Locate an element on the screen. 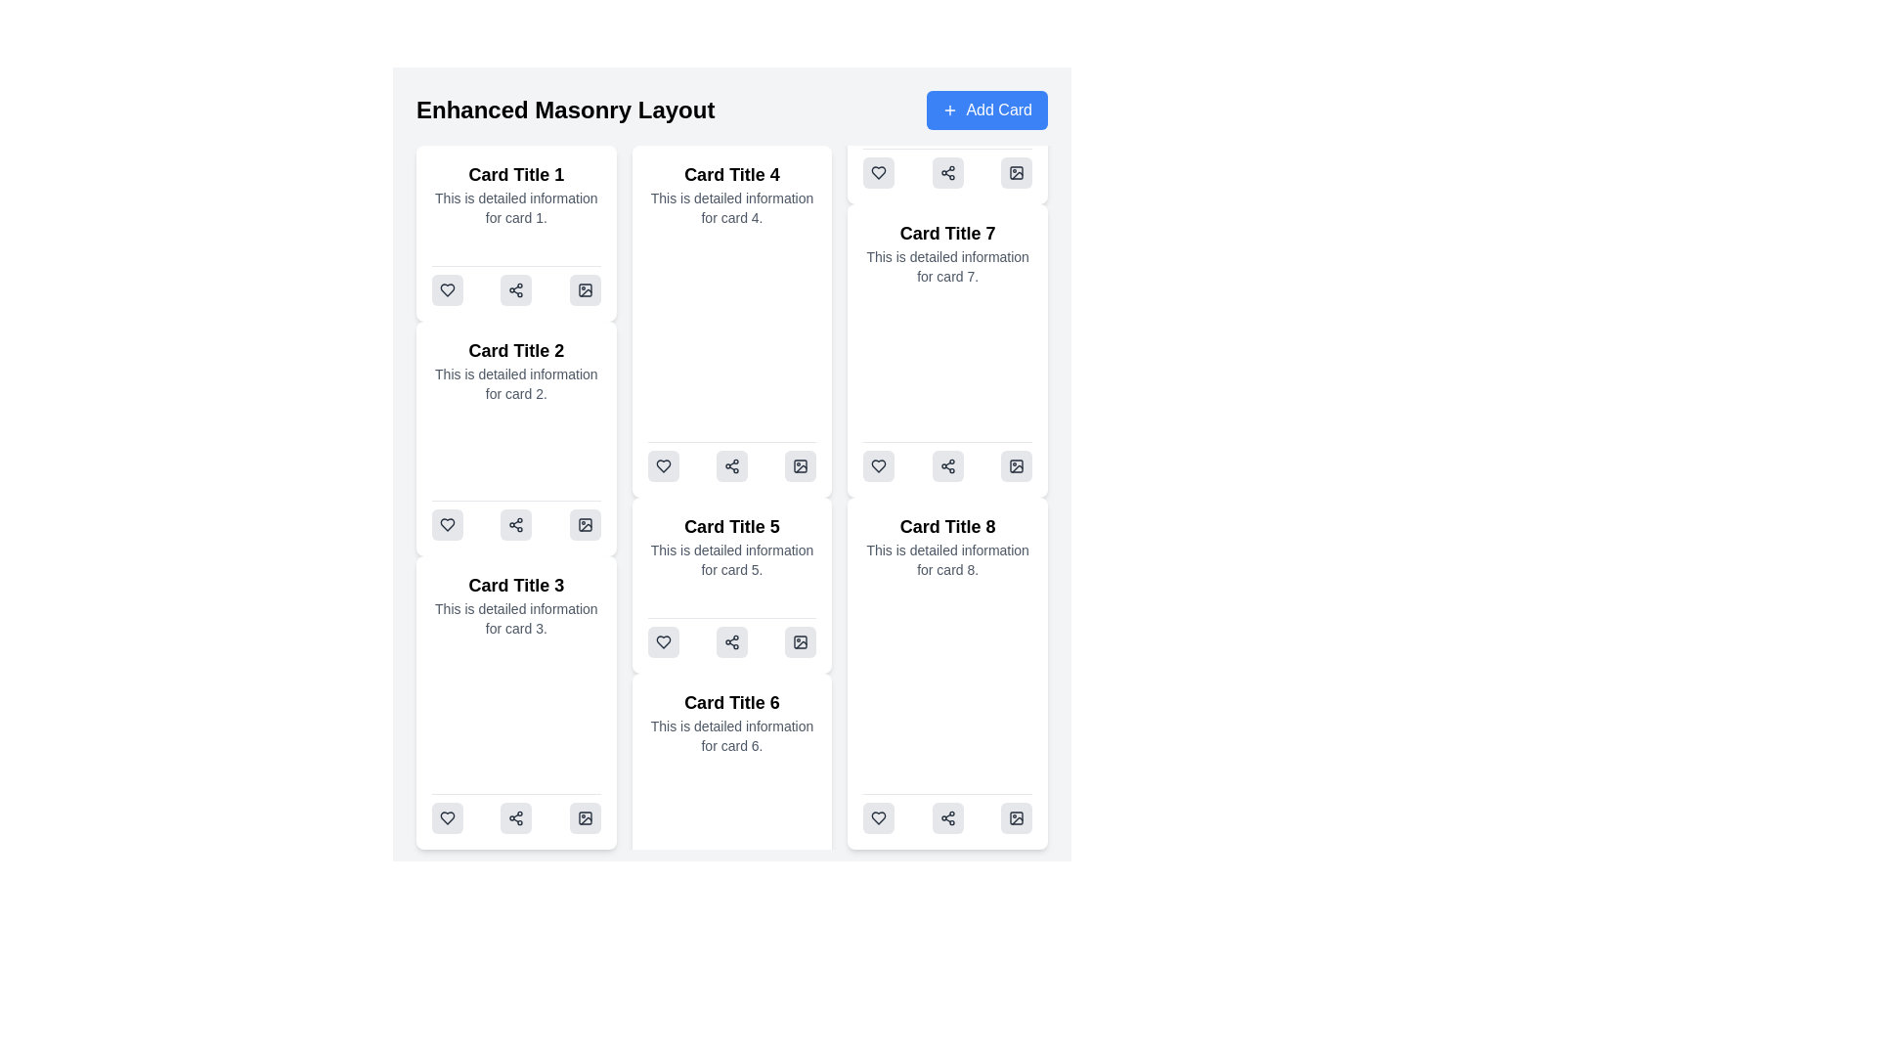 This screenshot has height=1056, width=1877. the minimalist icon depicting a sun and landscape located in the lower-right corner of 'Card Title 5', which is the third icon from the right in the row of icons is located at coordinates (801, 641).